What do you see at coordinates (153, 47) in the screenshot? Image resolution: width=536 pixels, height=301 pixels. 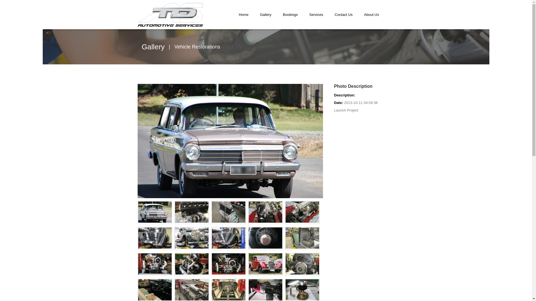 I see `'Gallery'` at bounding box center [153, 47].